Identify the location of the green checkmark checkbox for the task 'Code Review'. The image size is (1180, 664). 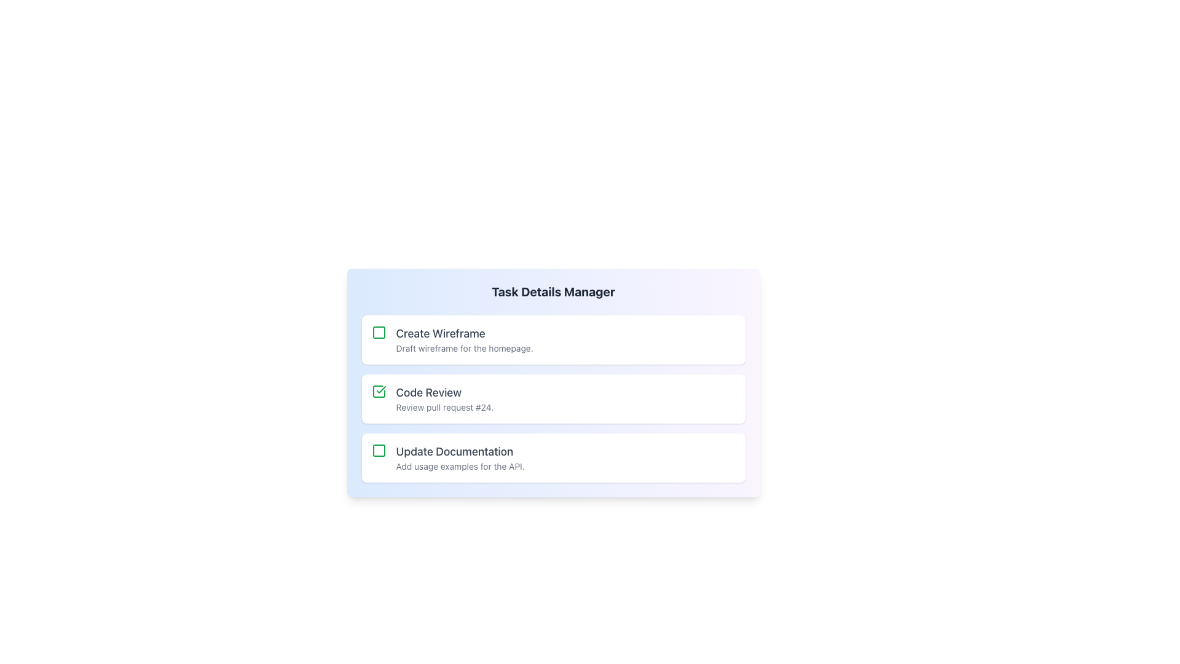
(378, 391).